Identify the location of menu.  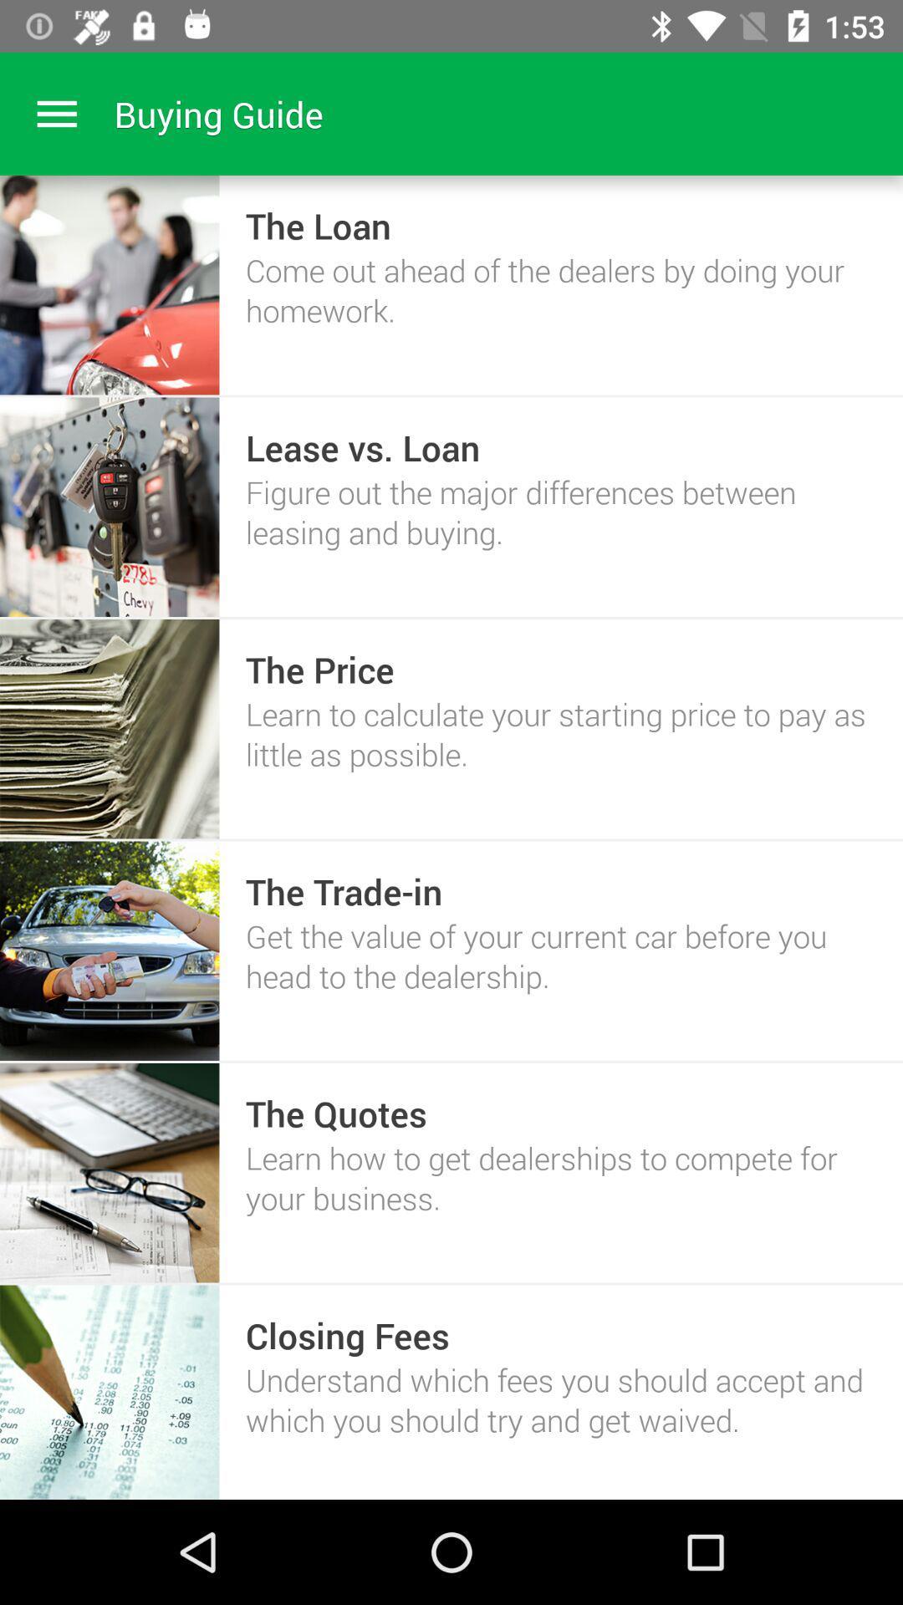
(56, 113).